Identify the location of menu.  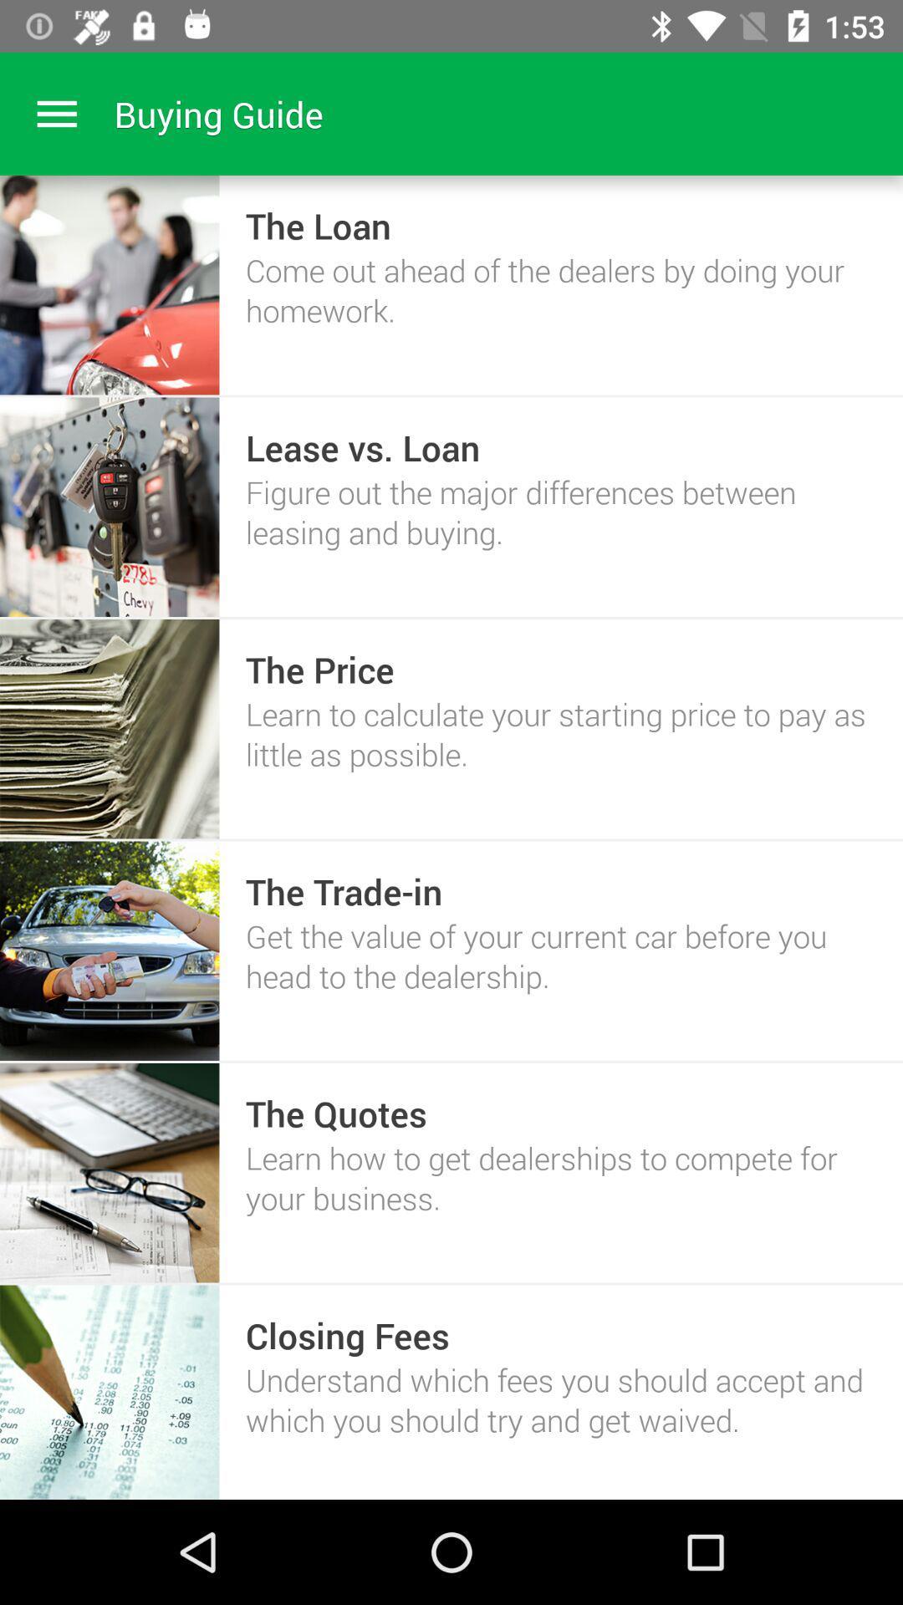
(56, 113).